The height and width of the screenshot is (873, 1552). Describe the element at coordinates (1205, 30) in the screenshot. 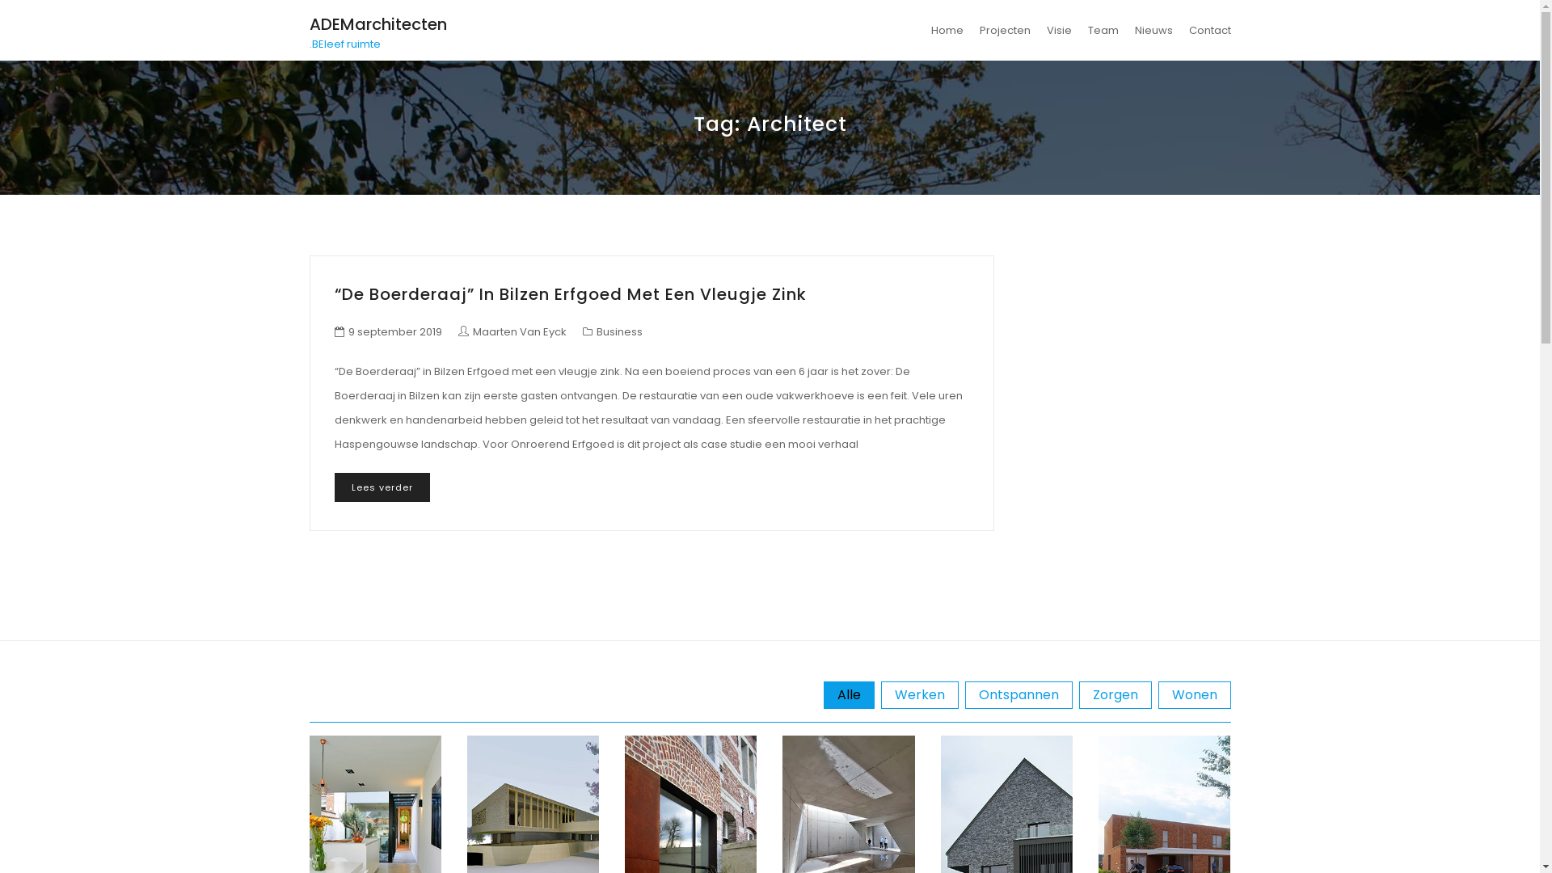

I see `'Contact'` at that location.